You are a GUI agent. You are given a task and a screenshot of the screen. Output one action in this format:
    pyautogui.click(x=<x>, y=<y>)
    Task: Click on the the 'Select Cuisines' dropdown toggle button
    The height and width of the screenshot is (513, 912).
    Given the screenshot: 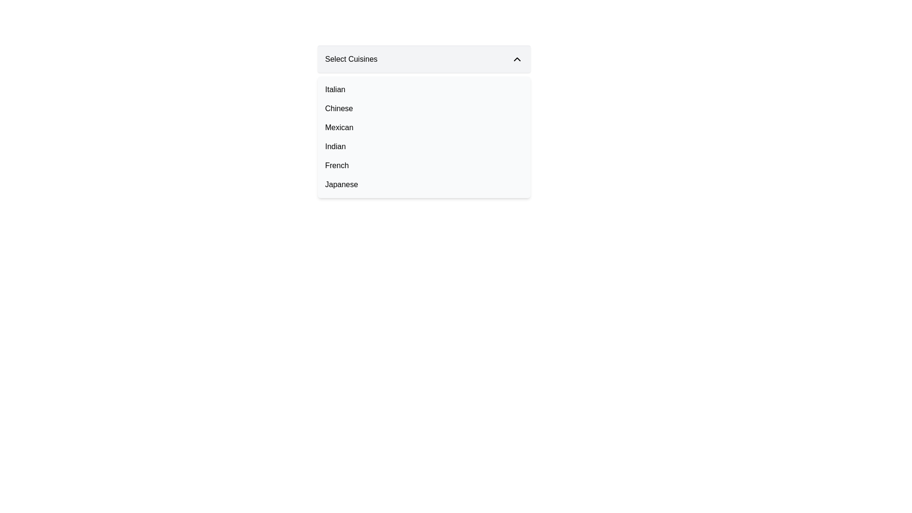 What is the action you would take?
    pyautogui.click(x=423, y=59)
    